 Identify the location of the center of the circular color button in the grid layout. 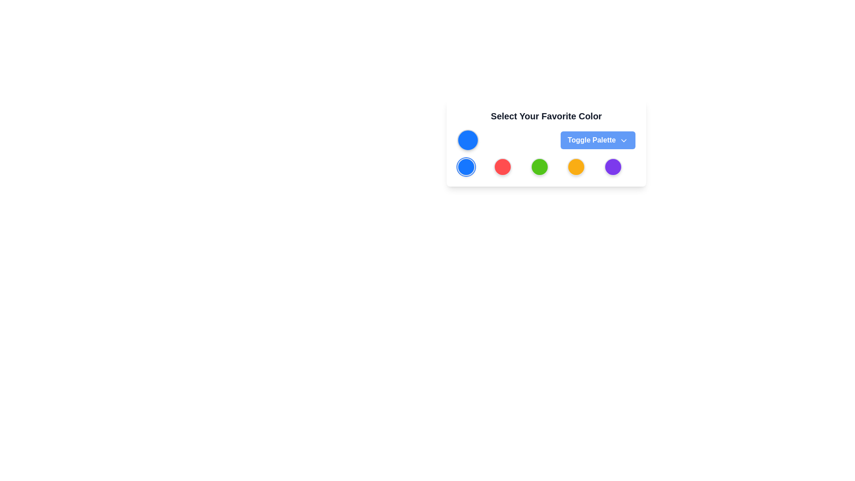
(546, 167).